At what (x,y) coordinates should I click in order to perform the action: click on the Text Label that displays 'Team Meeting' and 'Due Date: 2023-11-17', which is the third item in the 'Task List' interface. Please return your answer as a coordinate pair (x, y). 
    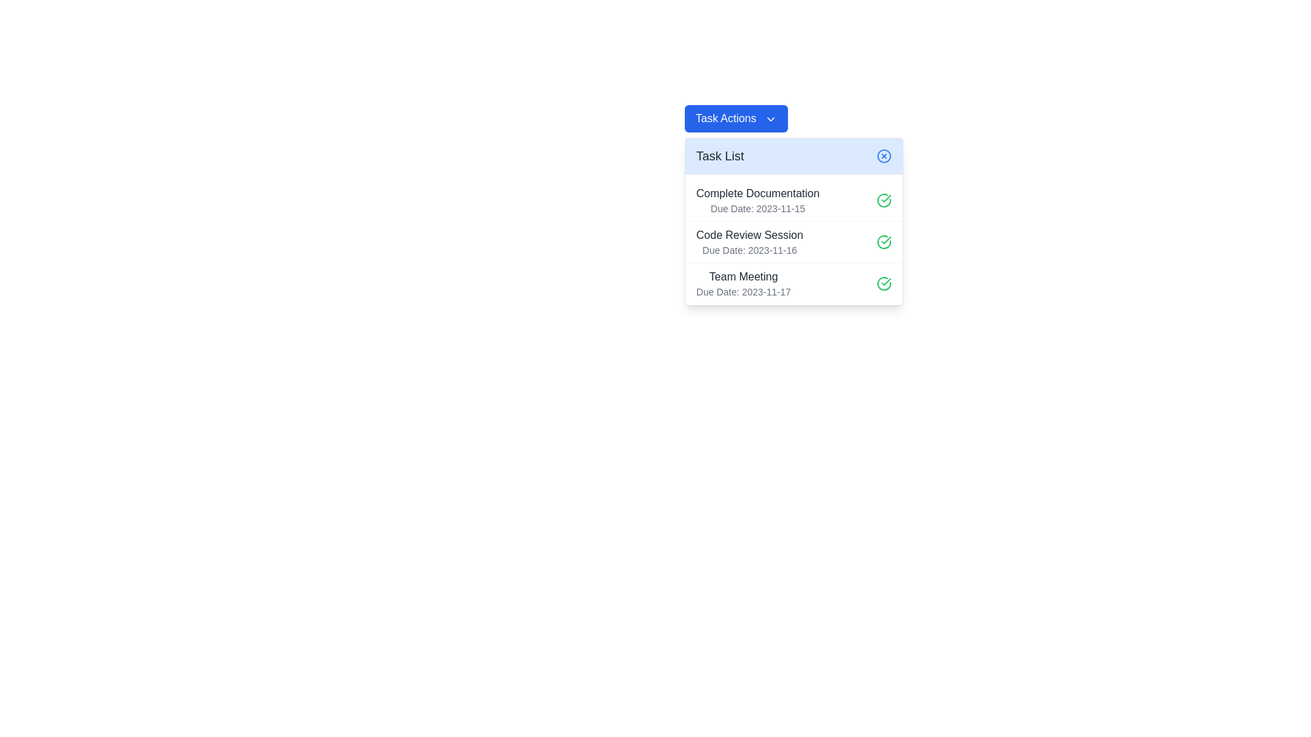
    Looking at the image, I should click on (743, 283).